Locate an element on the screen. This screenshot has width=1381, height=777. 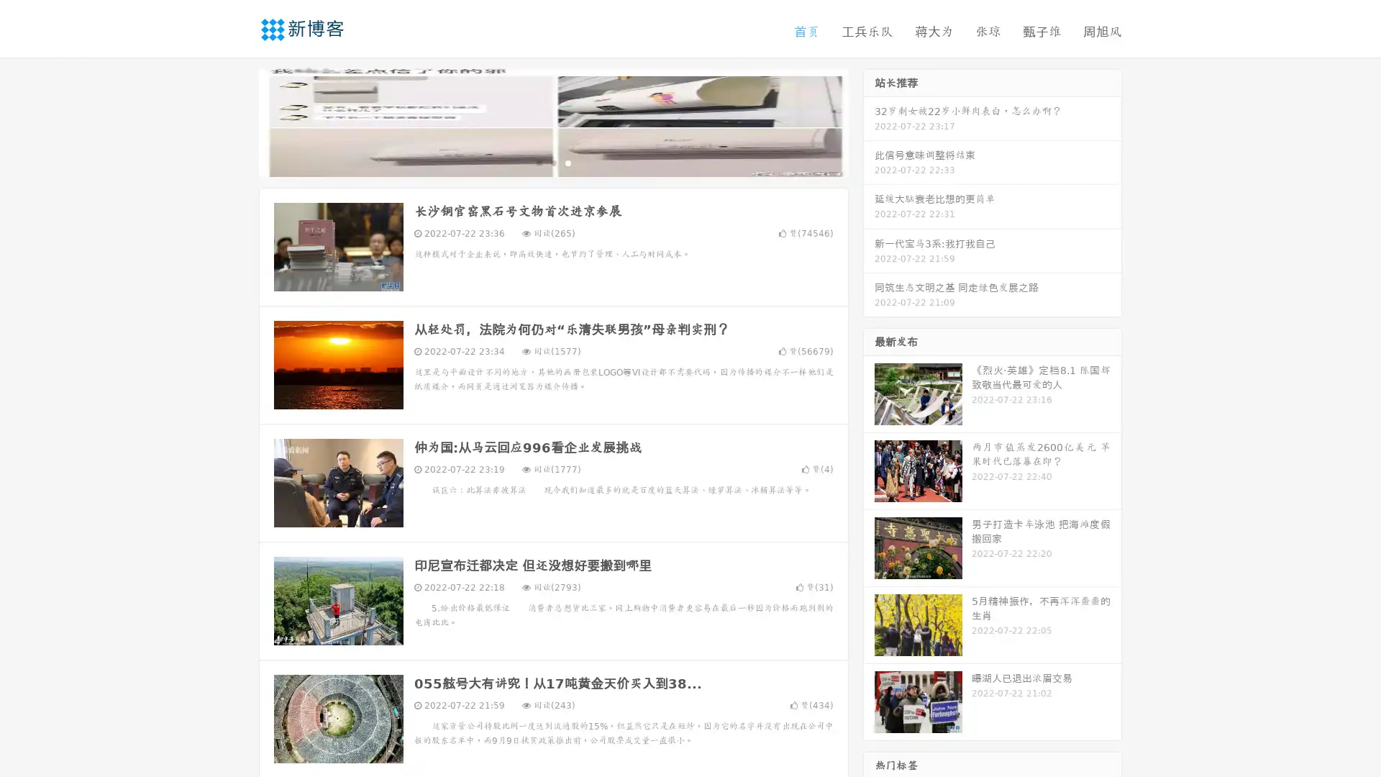
Go to slide 1 is located at coordinates (538, 162).